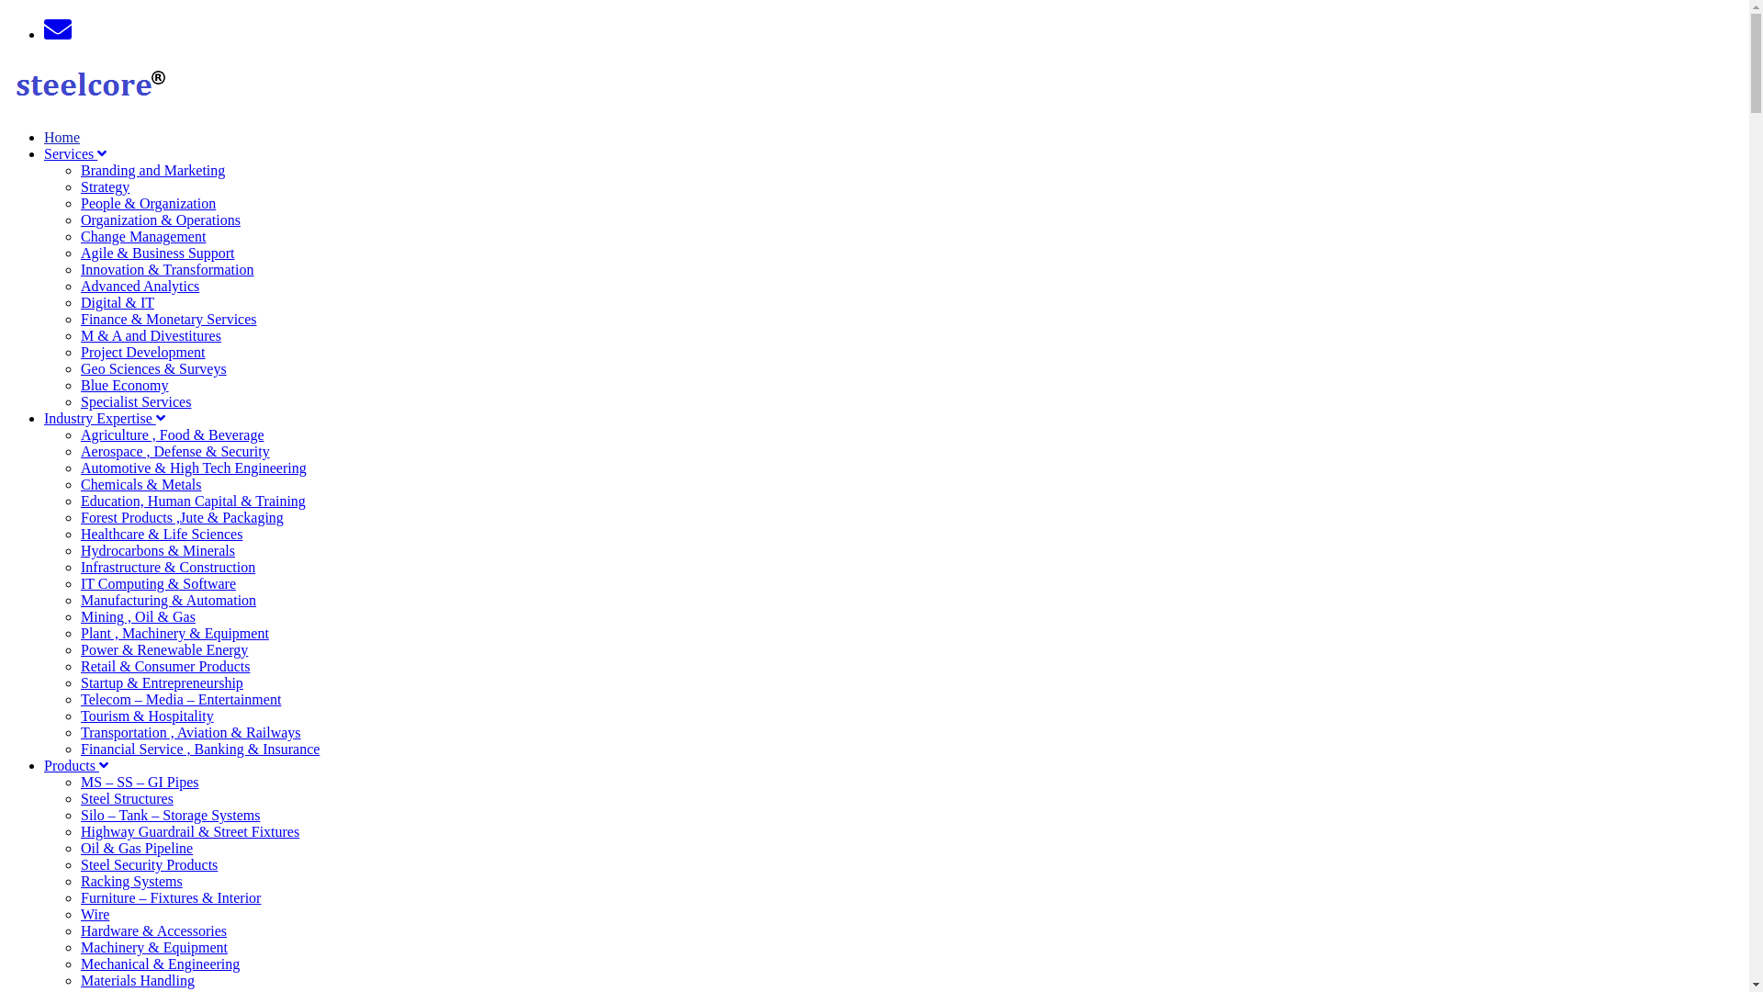 The image size is (1763, 992). I want to click on 'Wire', so click(94, 914).